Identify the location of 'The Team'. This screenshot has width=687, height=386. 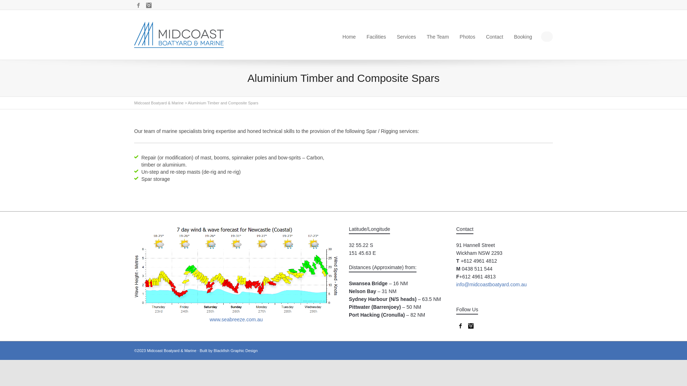
(438, 37).